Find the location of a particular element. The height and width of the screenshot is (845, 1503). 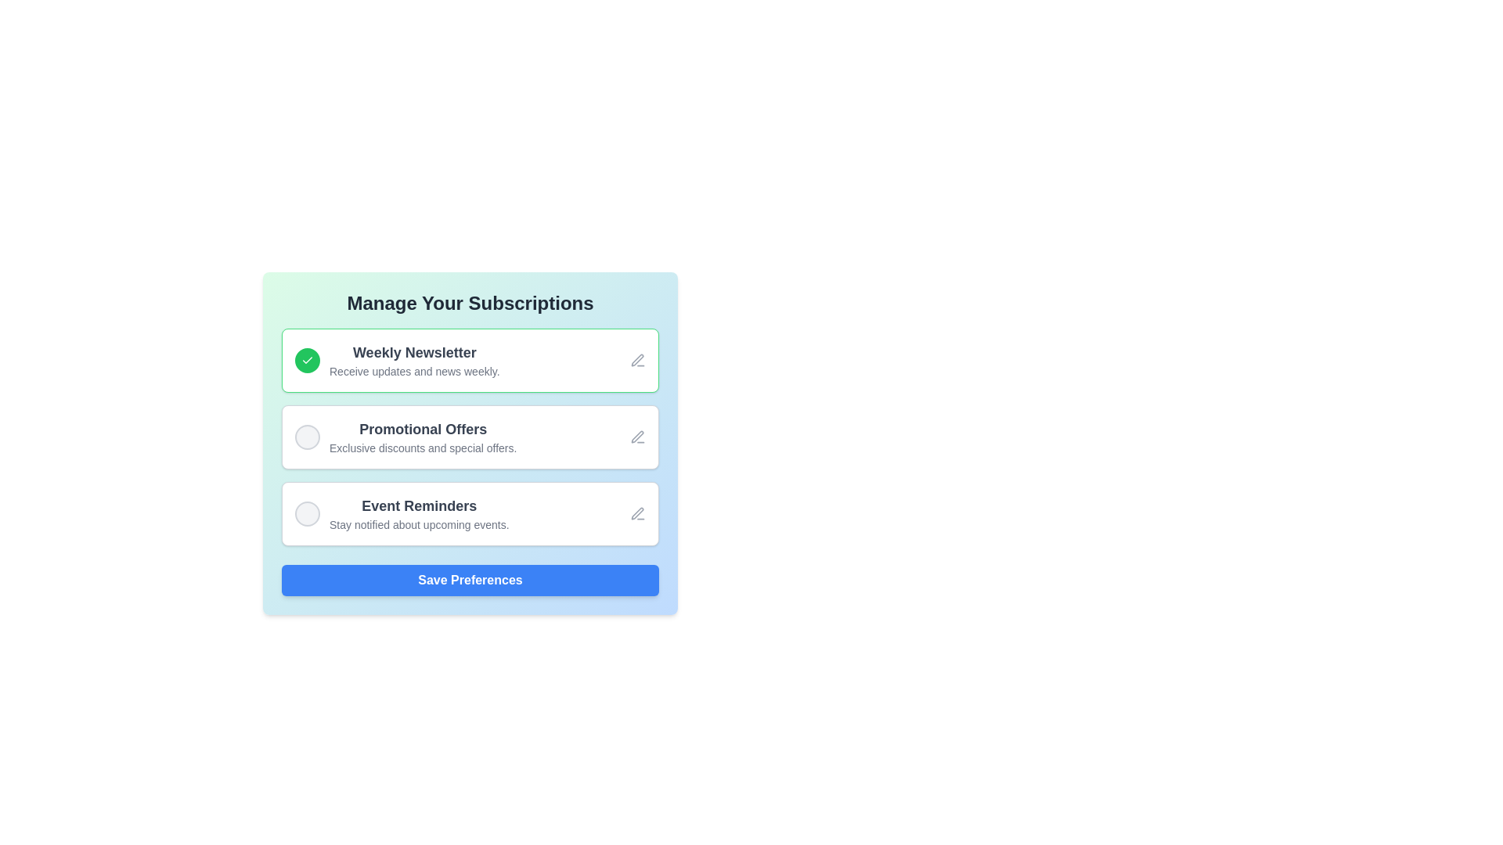

the static text element that provides additional descriptive information about the associated subscription option located beneath the heading 'Promotional Offers' is located at coordinates (423, 448).